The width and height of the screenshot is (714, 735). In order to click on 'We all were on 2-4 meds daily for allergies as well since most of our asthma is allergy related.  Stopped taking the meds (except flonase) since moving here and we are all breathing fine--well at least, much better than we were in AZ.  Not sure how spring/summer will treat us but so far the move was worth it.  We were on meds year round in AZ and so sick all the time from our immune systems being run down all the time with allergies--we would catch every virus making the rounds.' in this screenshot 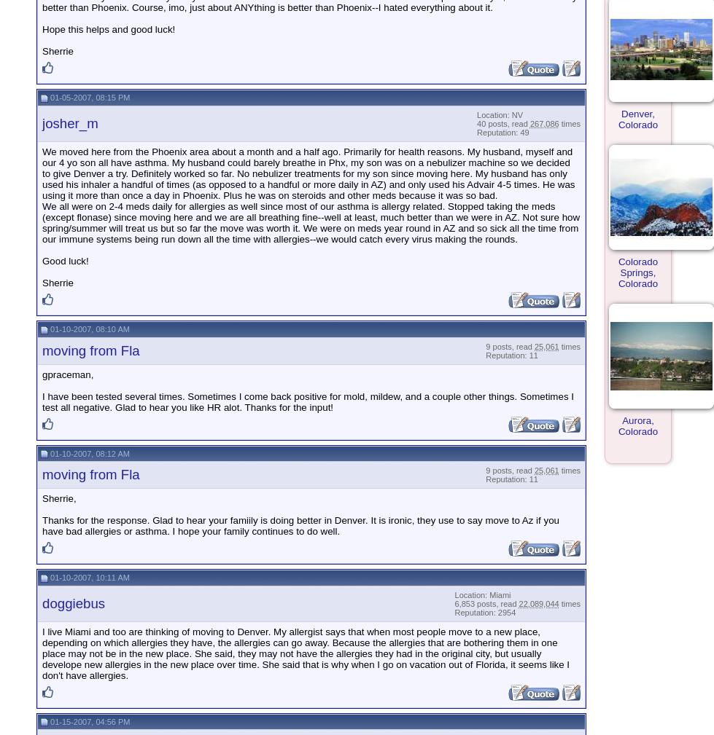, I will do `click(42, 221)`.